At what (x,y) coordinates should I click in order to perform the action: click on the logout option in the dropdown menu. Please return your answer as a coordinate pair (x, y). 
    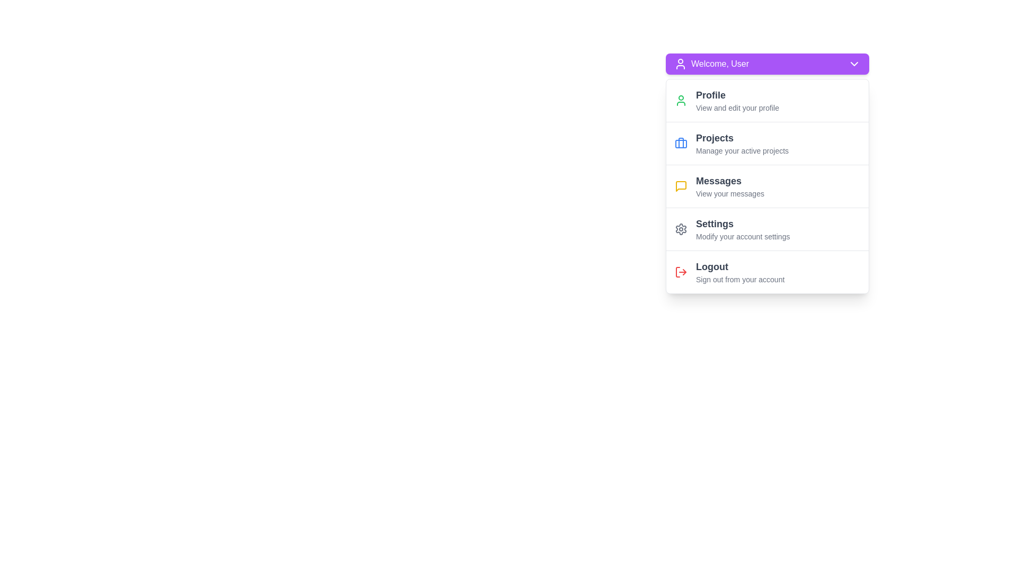
    Looking at the image, I should click on (739, 271).